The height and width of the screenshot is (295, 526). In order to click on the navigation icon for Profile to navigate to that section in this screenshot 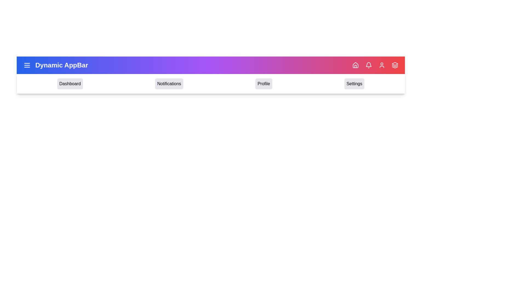, I will do `click(264, 84)`.